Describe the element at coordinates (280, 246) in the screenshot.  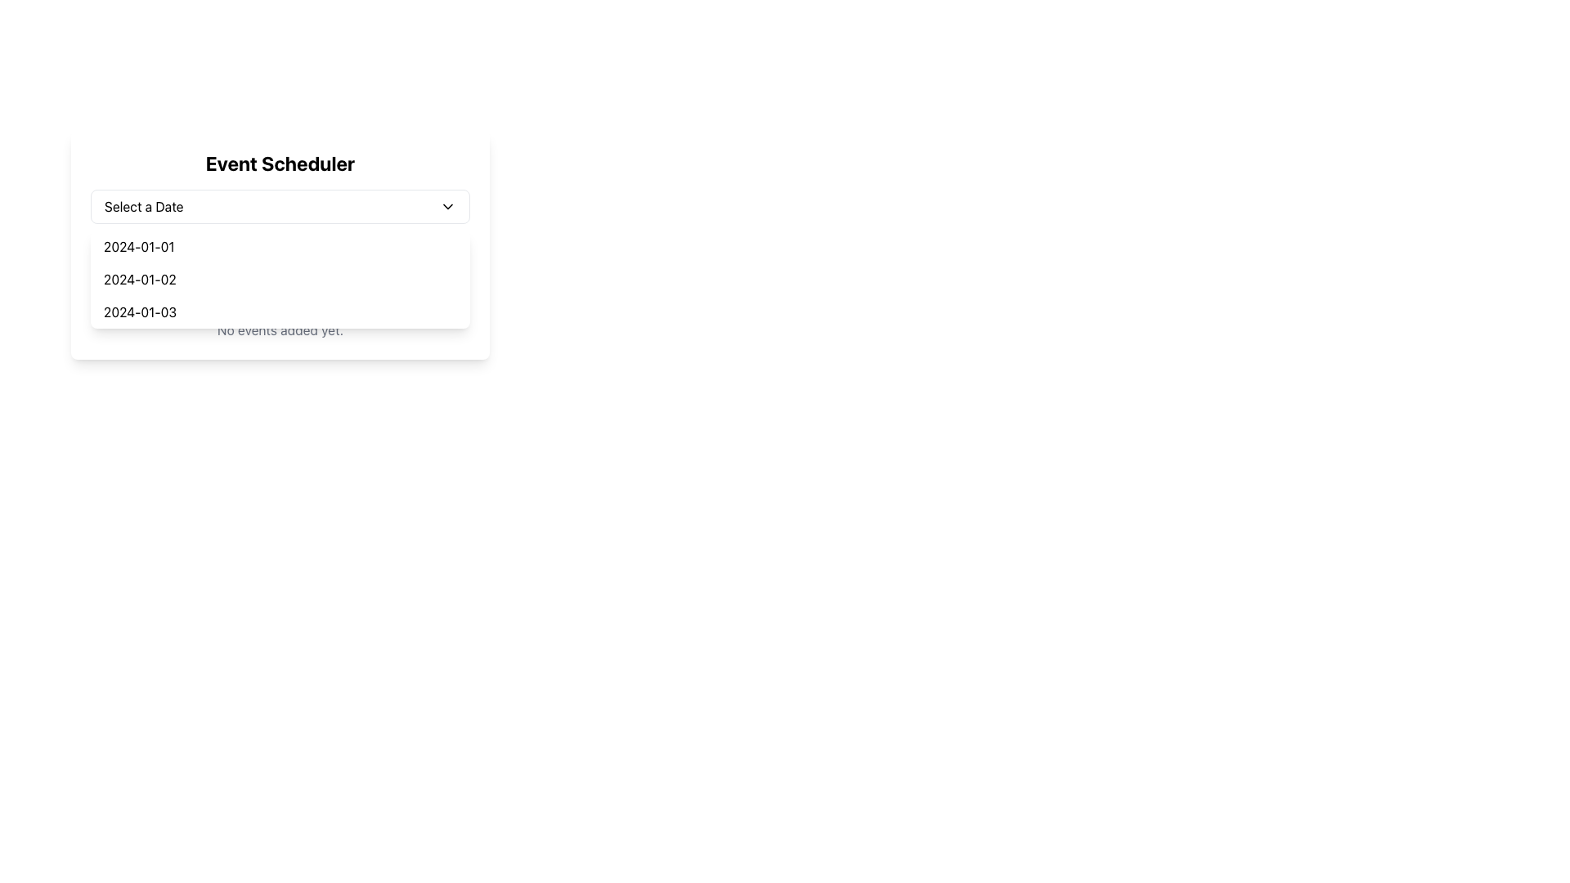
I see `the first item in the dropdown list displaying the date '2024-01-01'` at that location.